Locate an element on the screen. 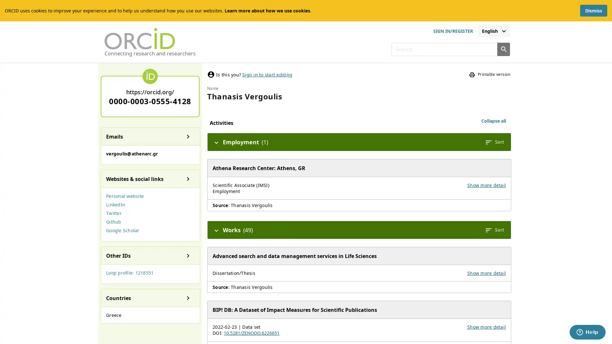 The width and height of the screenshot is (612, 344). Dismiss is located at coordinates (593, 11).